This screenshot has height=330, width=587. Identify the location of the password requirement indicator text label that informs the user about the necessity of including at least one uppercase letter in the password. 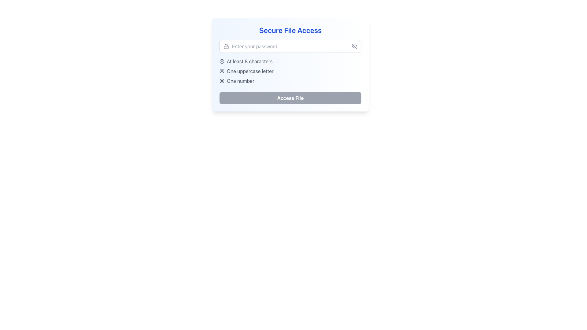
(250, 71).